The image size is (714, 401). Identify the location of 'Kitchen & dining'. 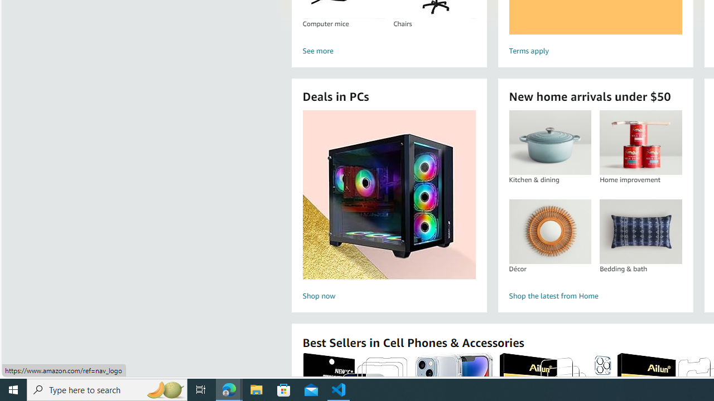
(549, 142).